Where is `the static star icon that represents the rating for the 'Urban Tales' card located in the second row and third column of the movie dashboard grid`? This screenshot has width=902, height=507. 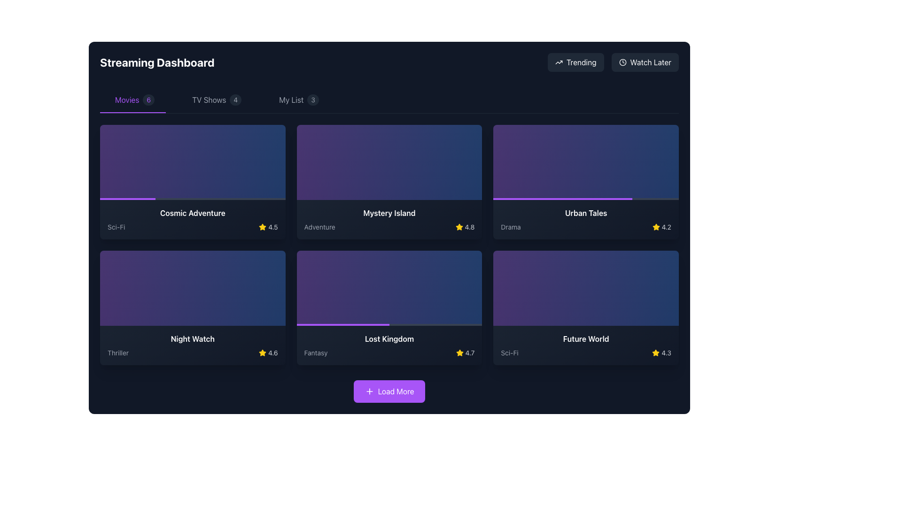 the static star icon that represents the rating for the 'Urban Tales' card located in the second row and third column of the movie dashboard grid is located at coordinates (655, 227).